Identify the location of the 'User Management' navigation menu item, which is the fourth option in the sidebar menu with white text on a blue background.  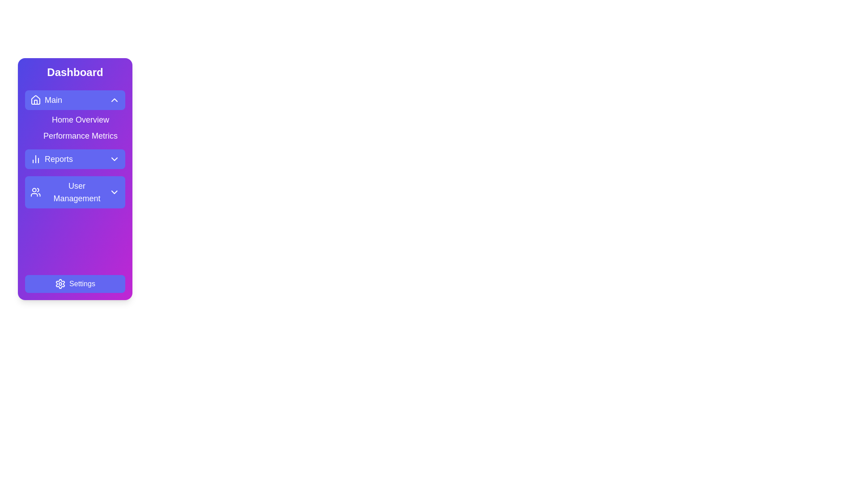
(69, 191).